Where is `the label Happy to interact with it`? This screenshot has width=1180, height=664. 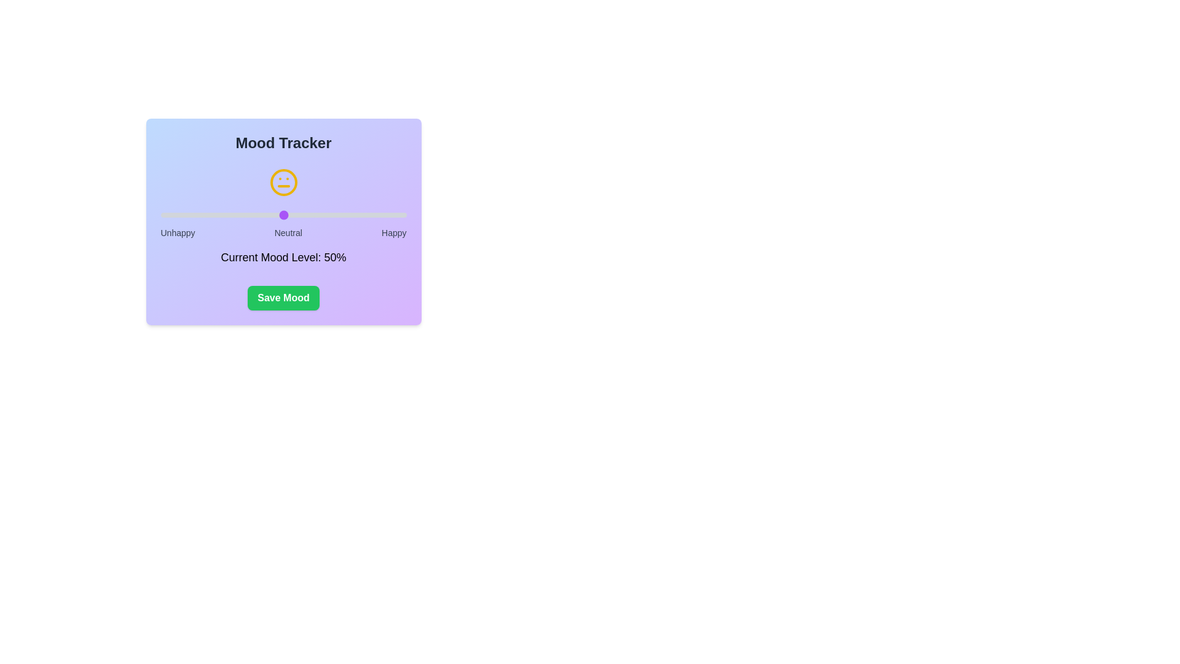
the label Happy to interact with it is located at coordinates (394, 232).